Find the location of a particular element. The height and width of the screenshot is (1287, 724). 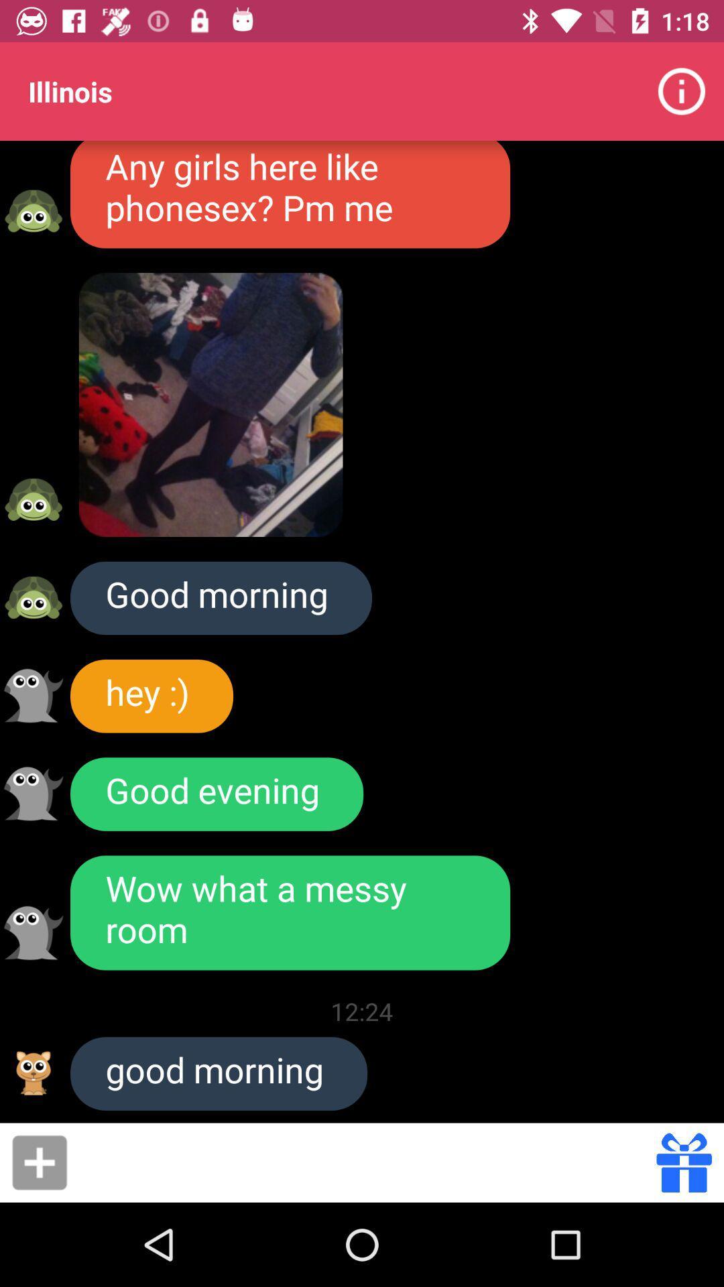

open the contact information is located at coordinates (33, 210).